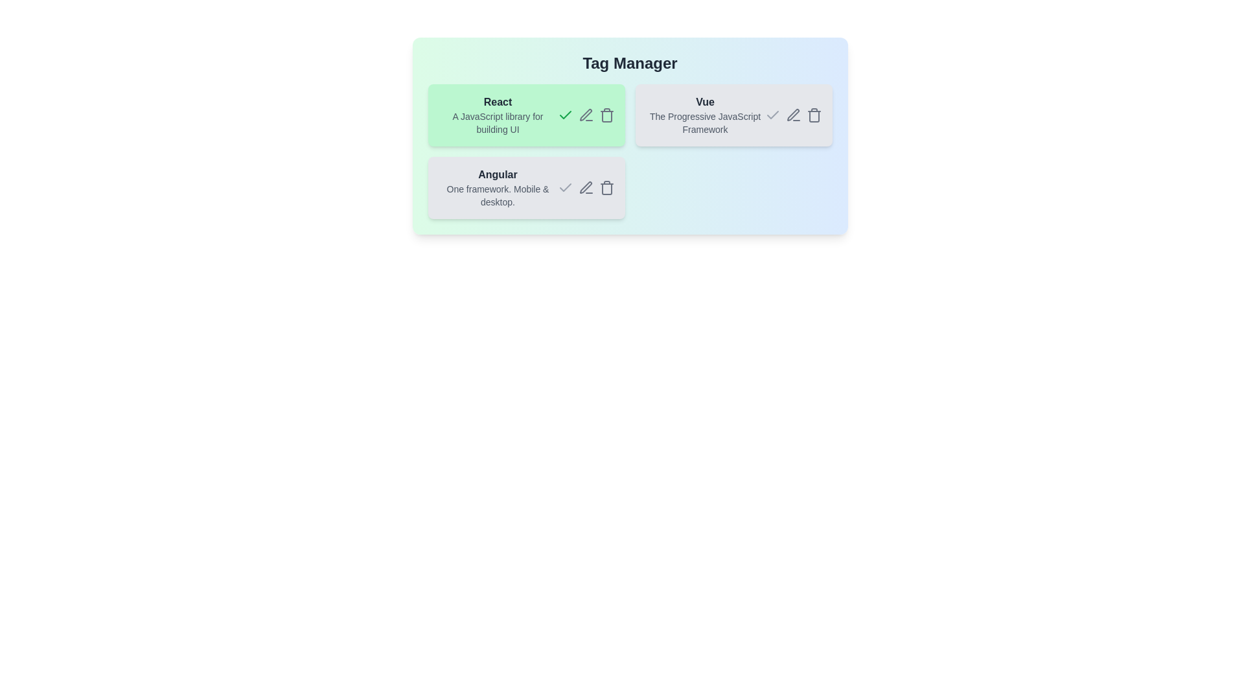  Describe the element at coordinates (813, 114) in the screenshot. I see `trash icon for the tag Vue to delete it` at that location.